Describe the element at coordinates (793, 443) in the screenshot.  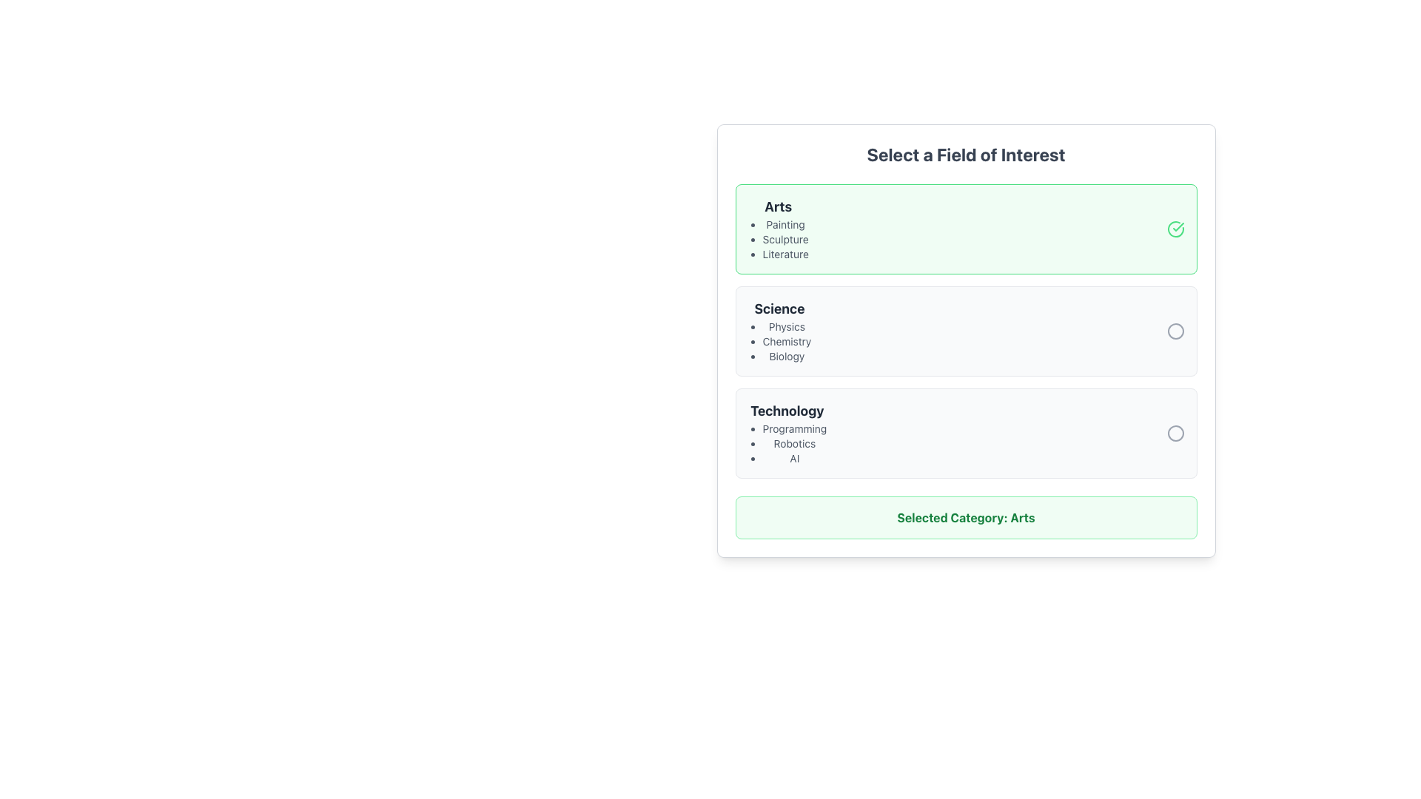
I see `the list item labeled 'Robotics', which is the second item in the vertical list under the 'Technology' section` at that location.